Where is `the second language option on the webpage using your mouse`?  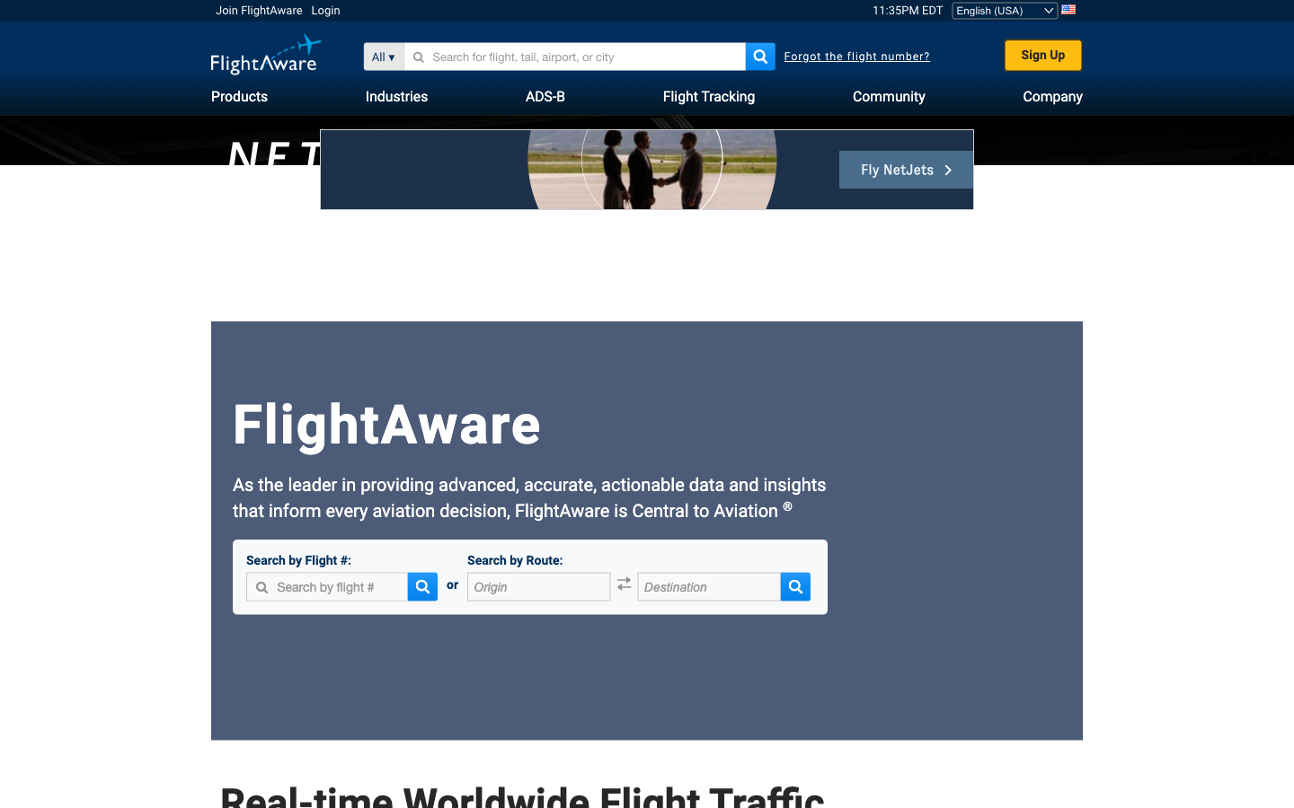
the second language option on the webpage using your mouse is located at coordinates (1005, 9).